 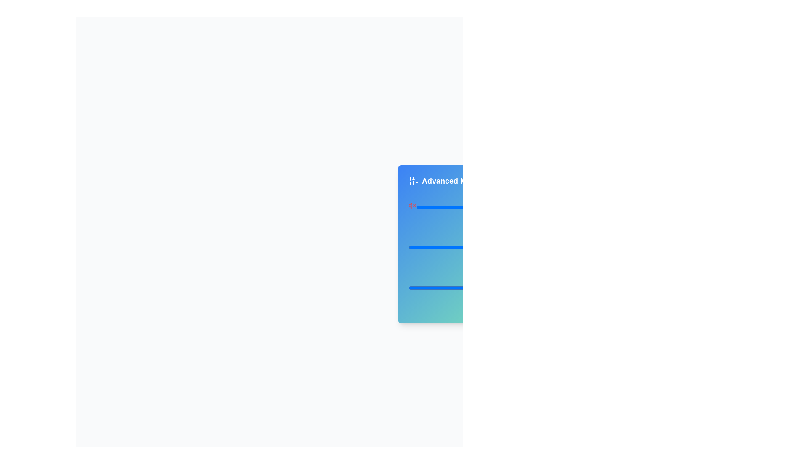 What do you see at coordinates (427, 288) in the screenshot?
I see `slider value` at bounding box center [427, 288].